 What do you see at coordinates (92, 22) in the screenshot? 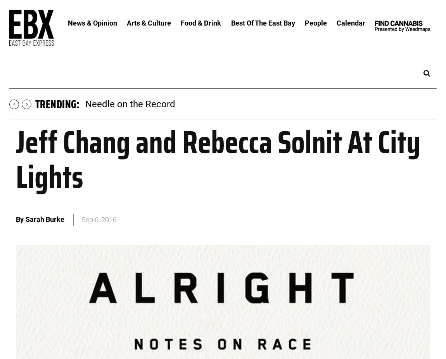
I see `'News & Opinion'` at bounding box center [92, 22].